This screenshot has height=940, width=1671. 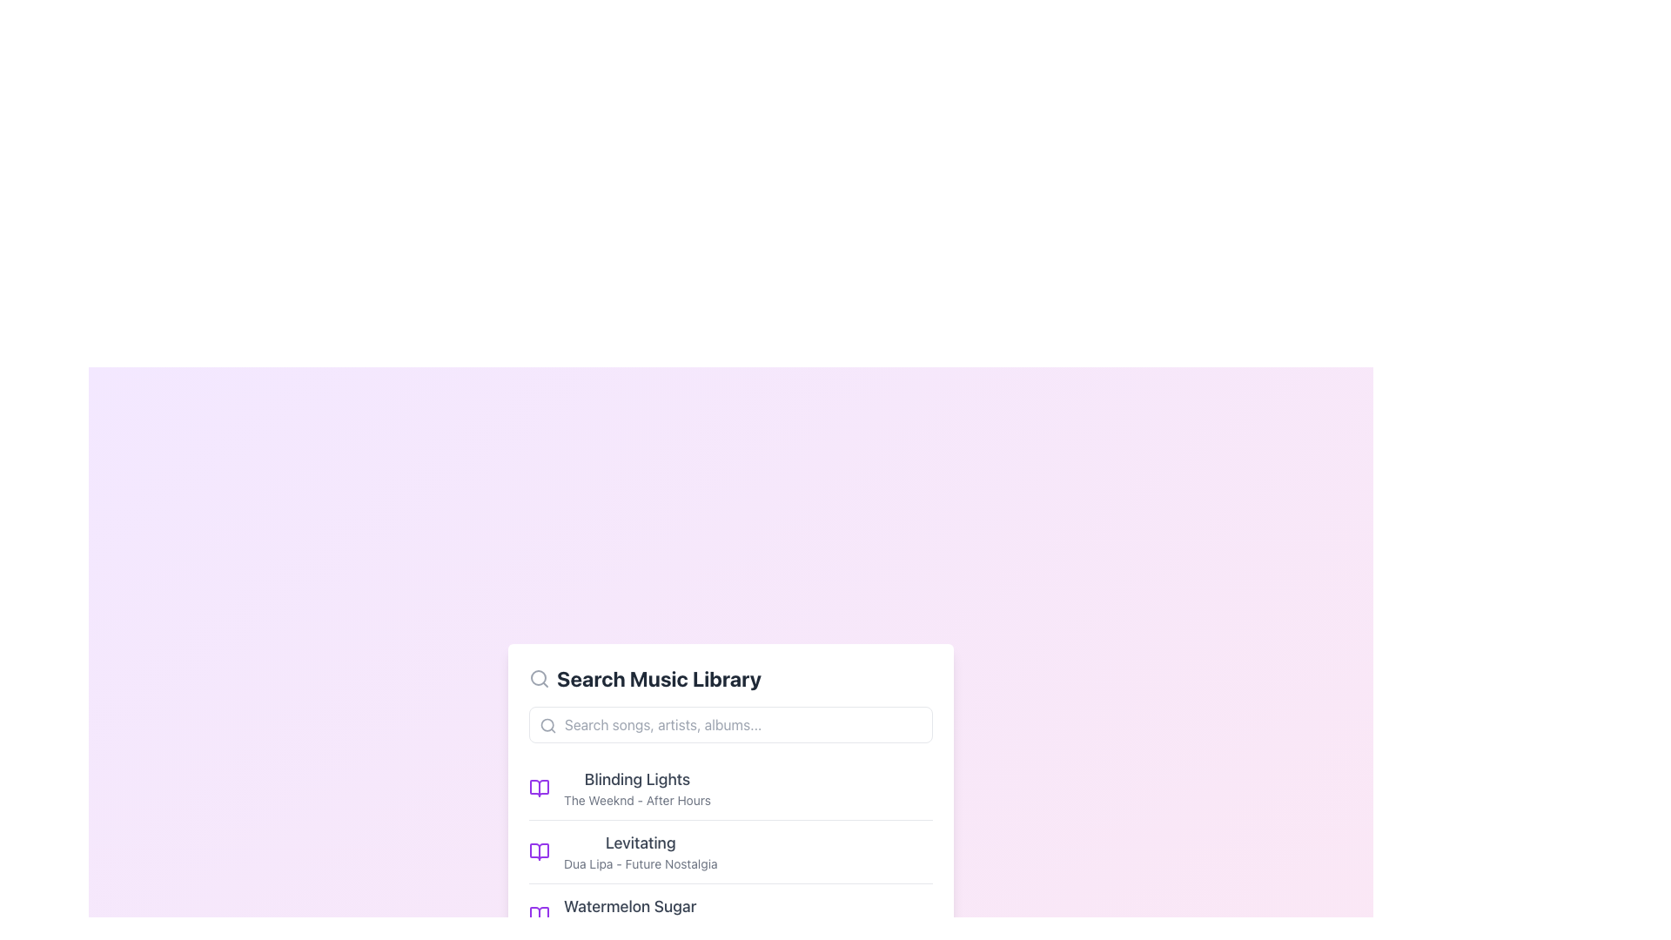 I want to click on the Text Label element that contains the text 'Dua Lipa - Future Nostalgia', which is located below the bold text 'Levitating' in the 'Search Music Library' section, so click(x=640, y=863).